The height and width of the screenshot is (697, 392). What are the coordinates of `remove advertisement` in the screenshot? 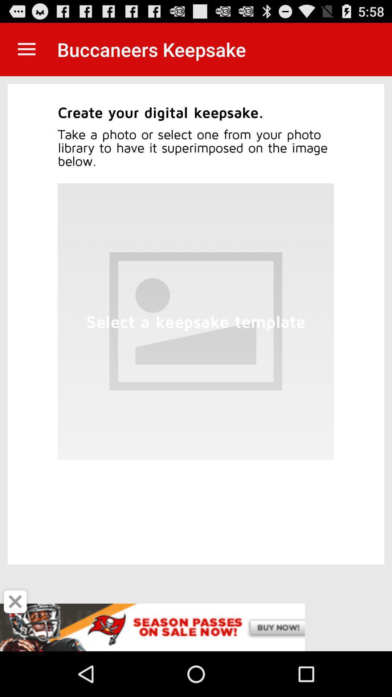 It's located at (15, 602).